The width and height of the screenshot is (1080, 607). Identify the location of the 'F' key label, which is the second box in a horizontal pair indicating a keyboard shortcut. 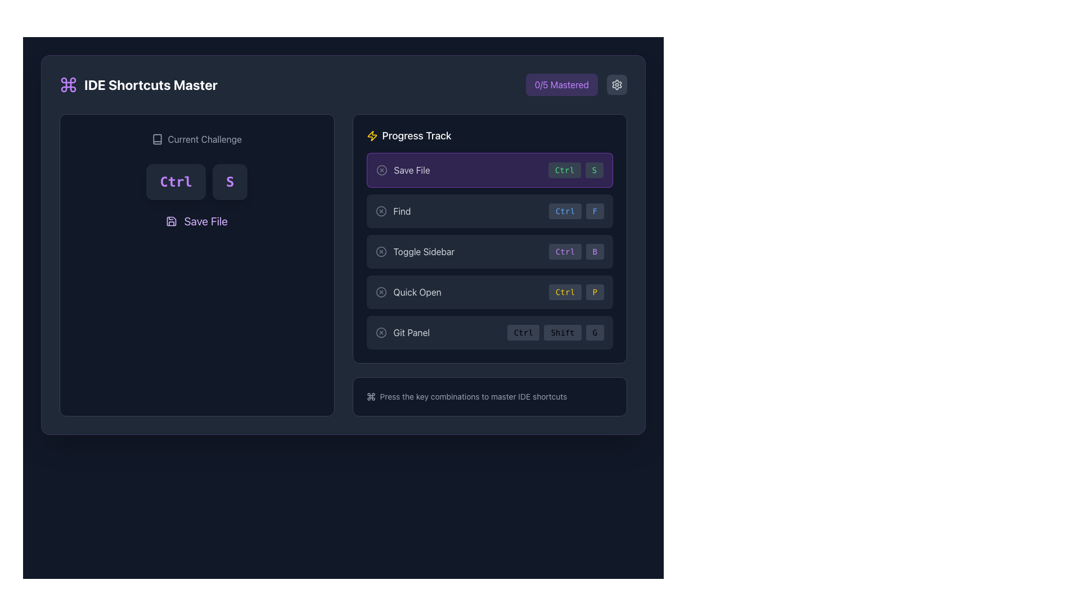
(594, 211).